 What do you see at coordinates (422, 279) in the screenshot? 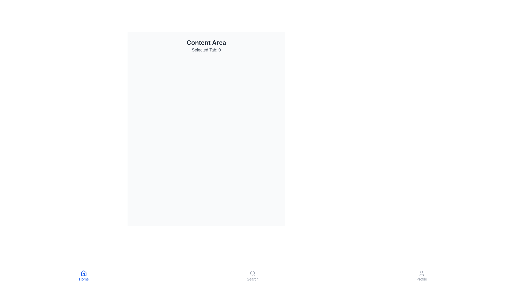
I see `the 'Profile' text label, which is centrally positioned within the bottom navigation bar, below the user icon graphic` at bounding box center [422, 279].